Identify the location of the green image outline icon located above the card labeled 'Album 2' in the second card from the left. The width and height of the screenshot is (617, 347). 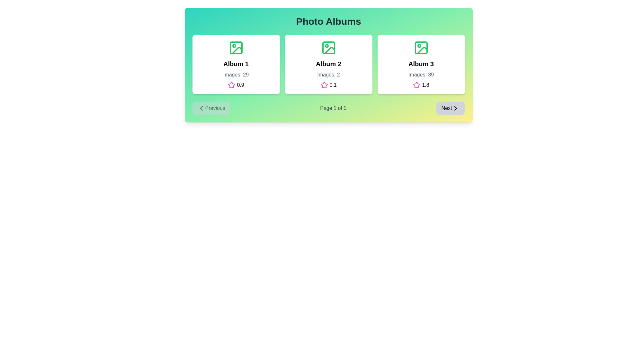
(328, 48).